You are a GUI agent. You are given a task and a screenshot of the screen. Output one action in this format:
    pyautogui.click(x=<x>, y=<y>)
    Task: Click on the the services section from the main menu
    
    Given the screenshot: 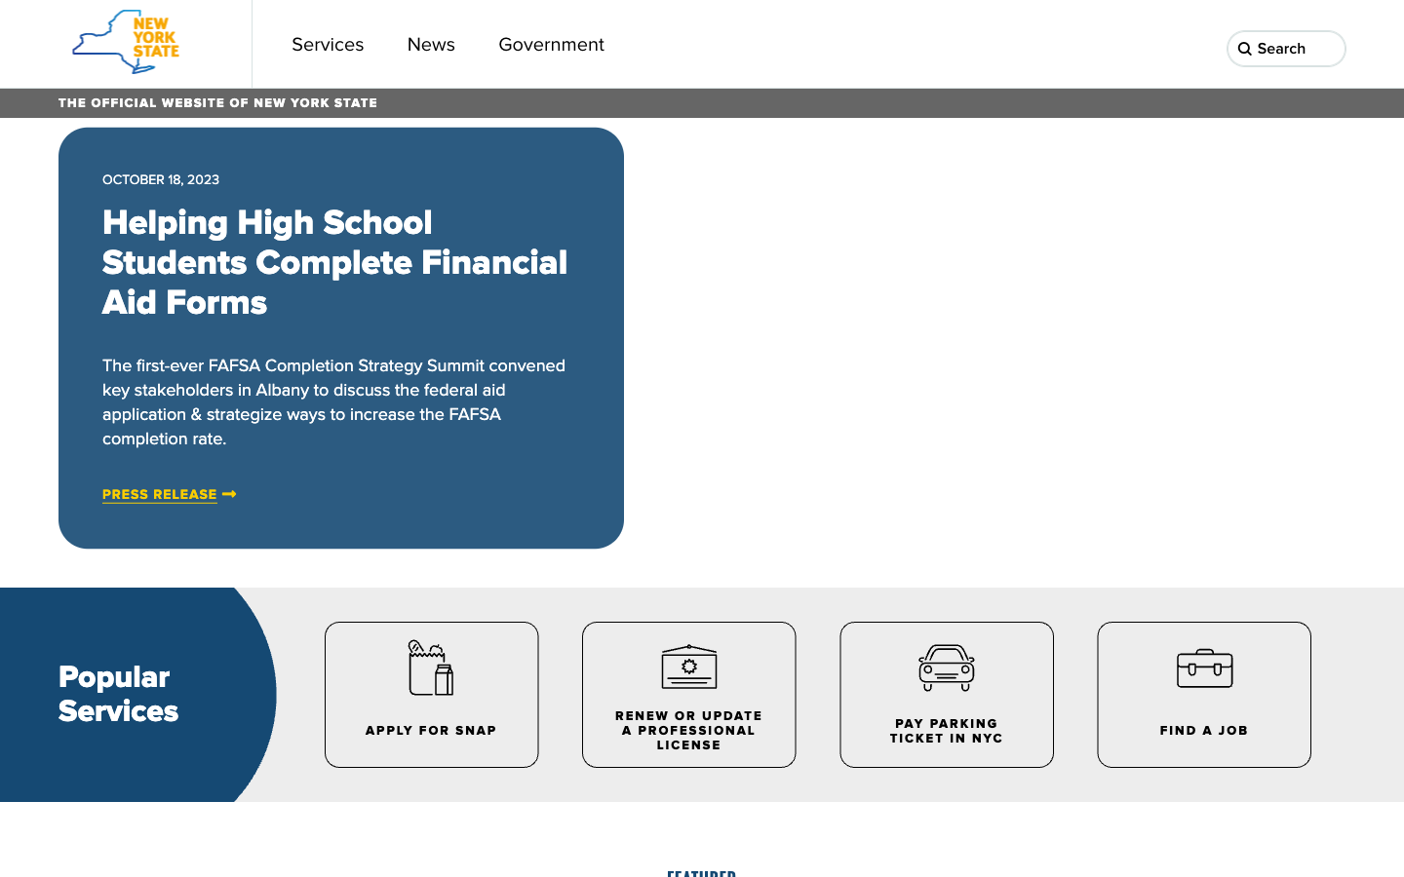 What is the action you would take?
    pyautogui.click(x=328, y=43)
    